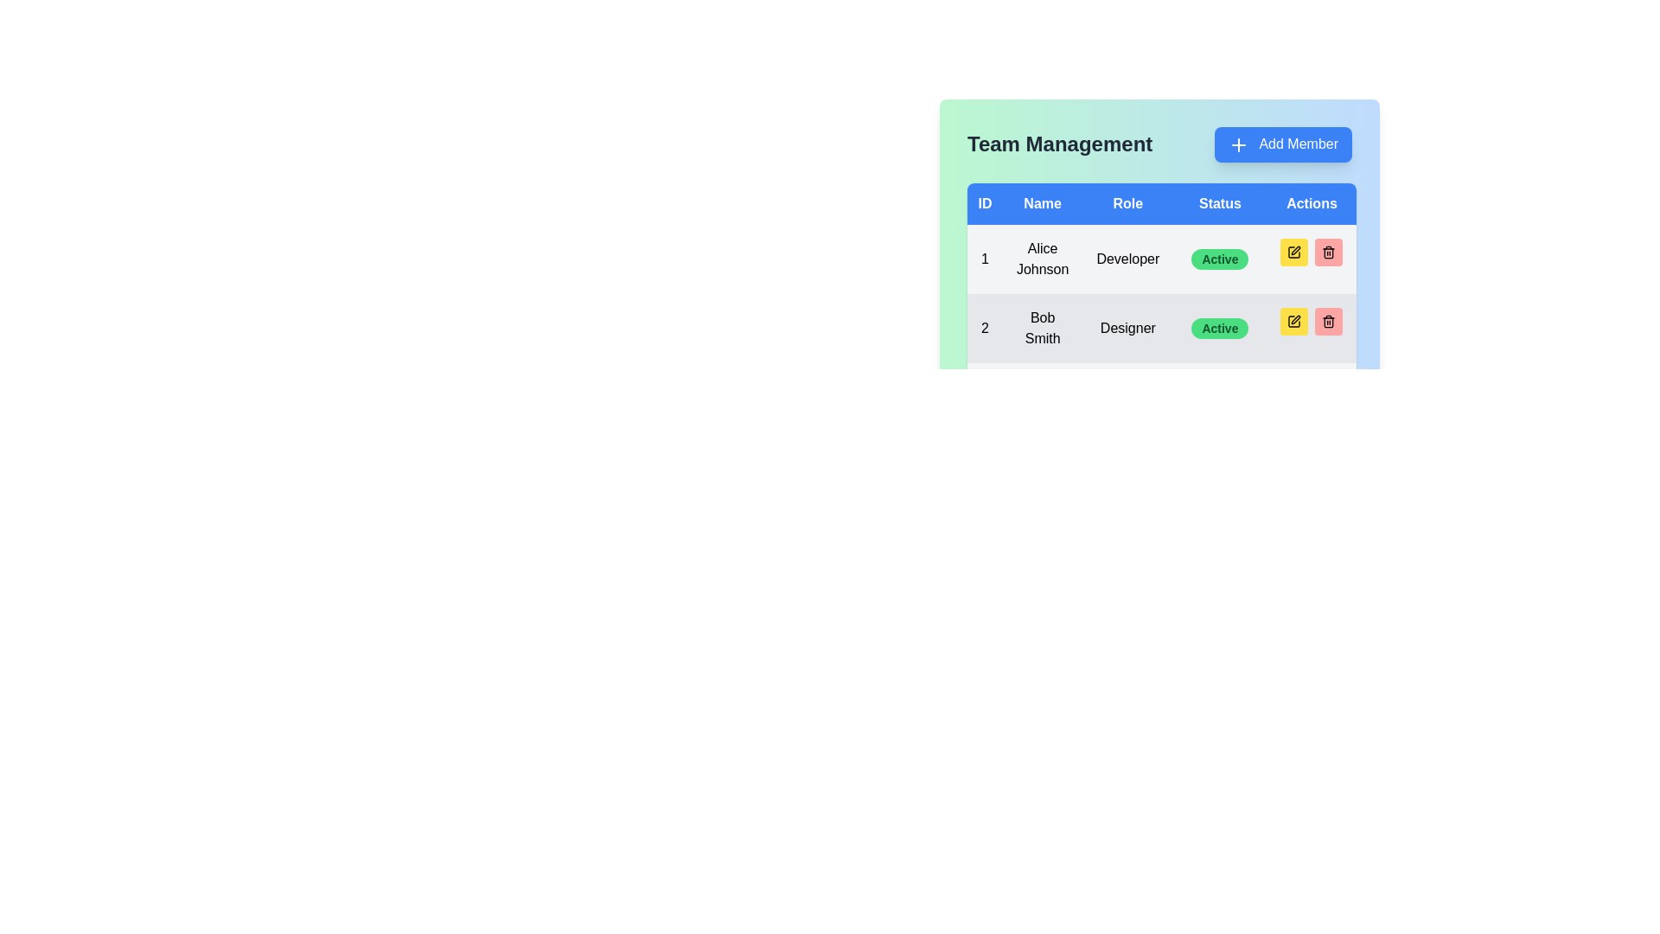 This screenshot has height=934, width=1660. Describe the element at coordinates (1237, 144) in the screenshot. I see `the cross-icon within the blue 'Add Member' button located in the upper-right corner of the main interface` at that location.